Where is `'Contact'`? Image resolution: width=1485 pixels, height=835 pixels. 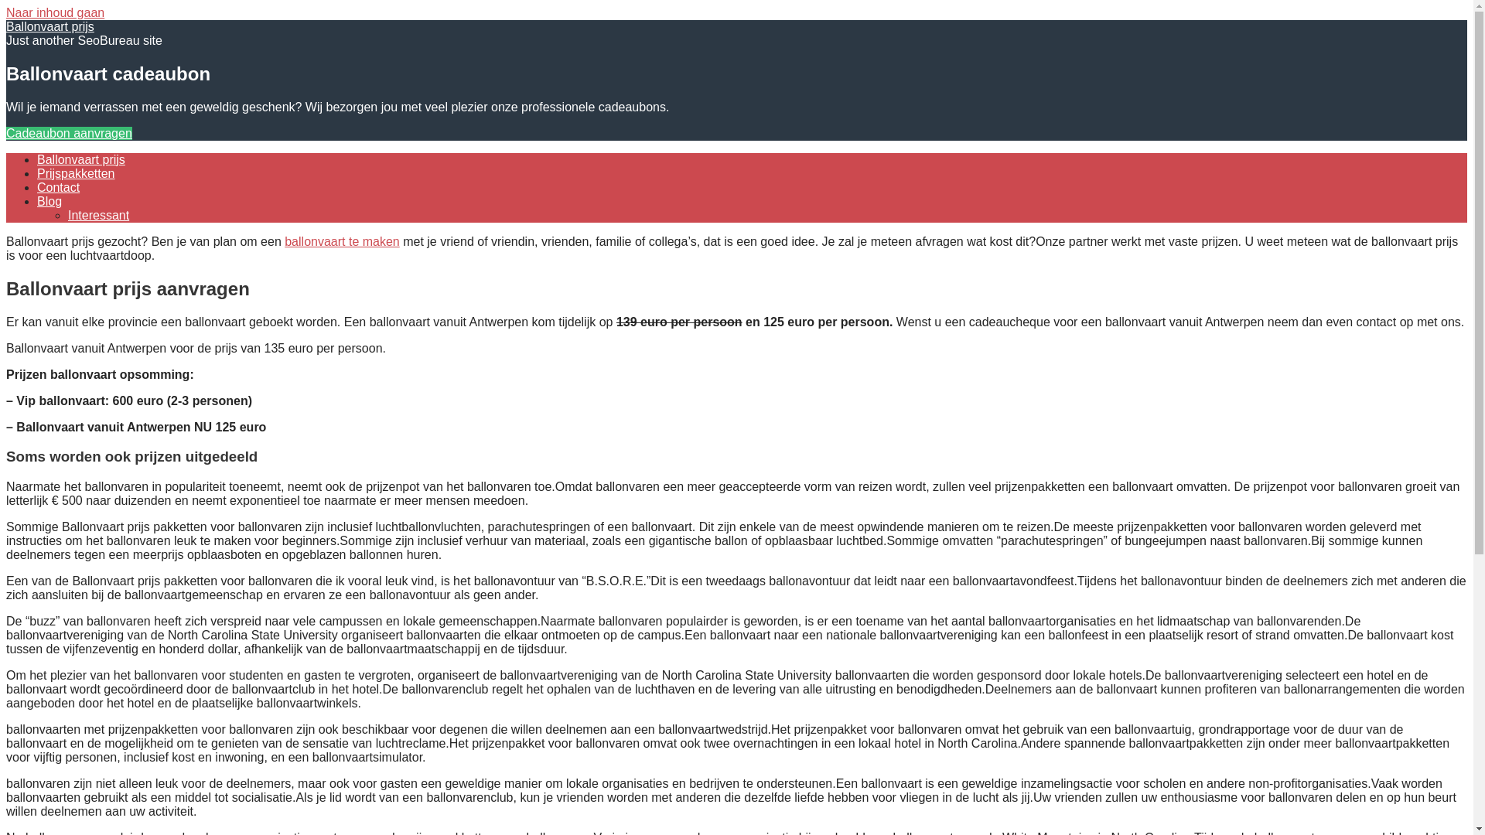
'Contact' is located at coordinates (58, 186).